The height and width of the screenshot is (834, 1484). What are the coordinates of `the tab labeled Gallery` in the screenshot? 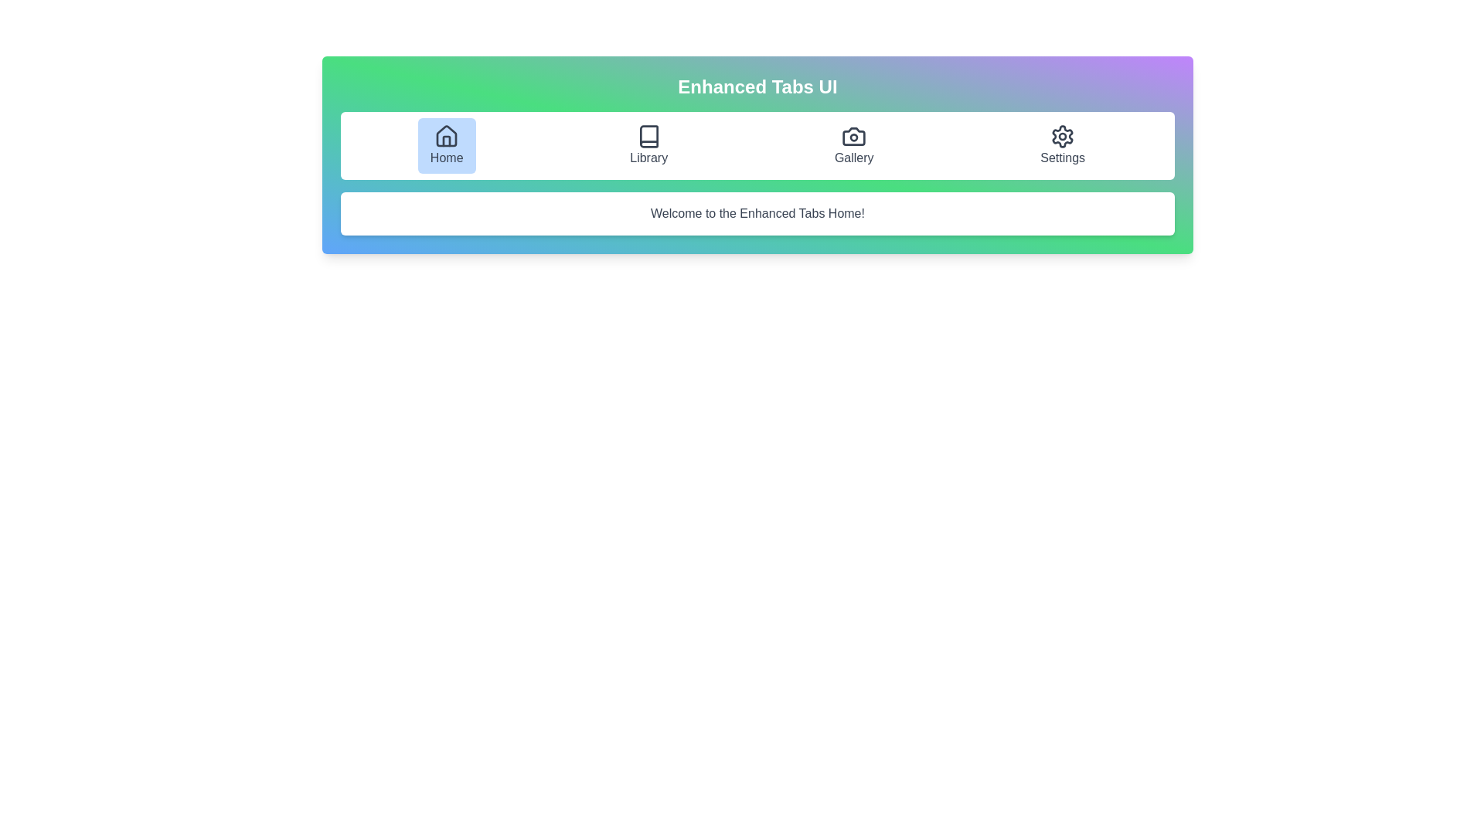 It's located at (853, 146).